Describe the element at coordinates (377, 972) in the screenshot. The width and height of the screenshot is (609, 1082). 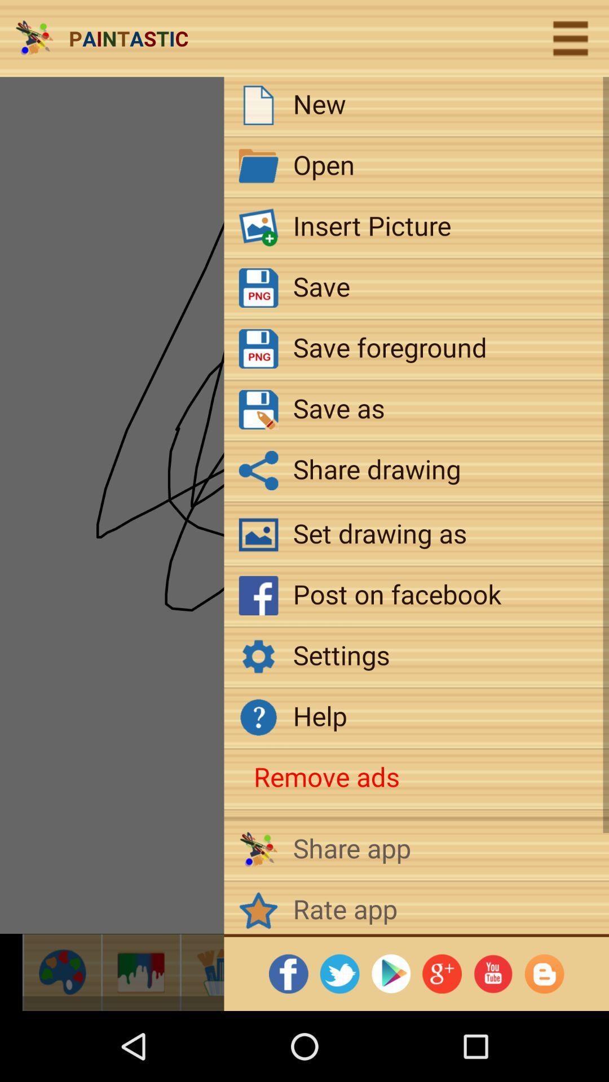
I see `the play icon` at that location.